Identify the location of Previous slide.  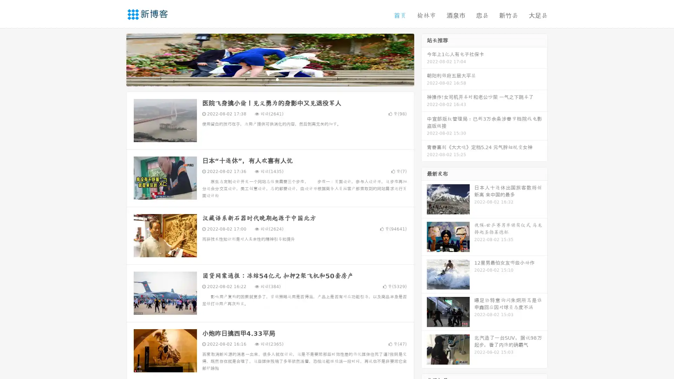
(116, 59).